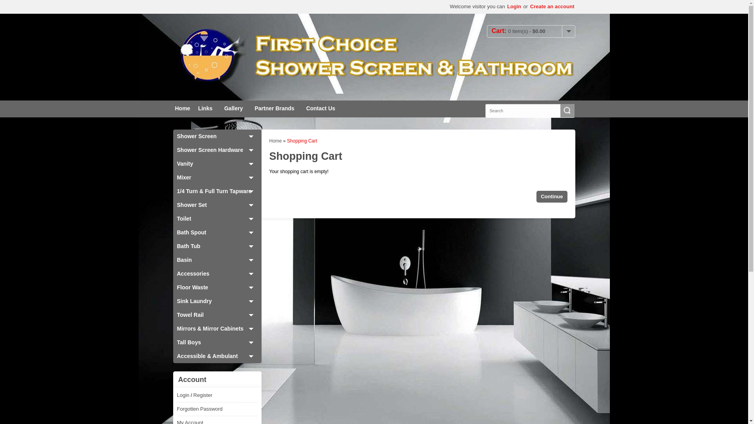 The height and width of the screenshot is (424, 754). Describe the element at coordinates (233, 109) in the screenshot. I see `'Gallery'` at that location.